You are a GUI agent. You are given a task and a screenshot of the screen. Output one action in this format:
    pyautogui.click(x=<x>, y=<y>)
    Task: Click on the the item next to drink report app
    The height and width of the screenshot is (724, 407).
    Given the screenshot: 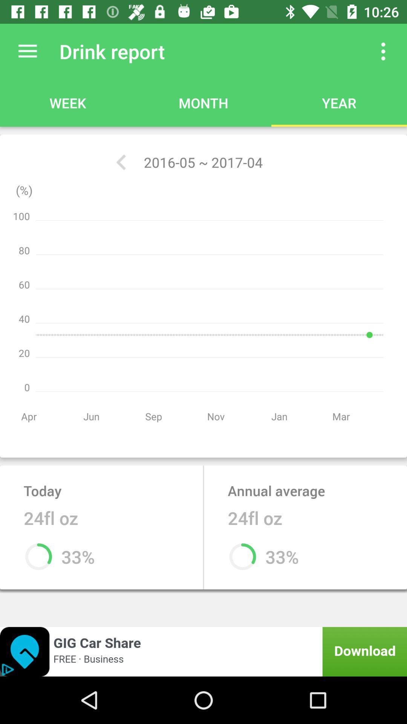 What is the action you would take?
    pyautogui.click(x=27, y=51)
    